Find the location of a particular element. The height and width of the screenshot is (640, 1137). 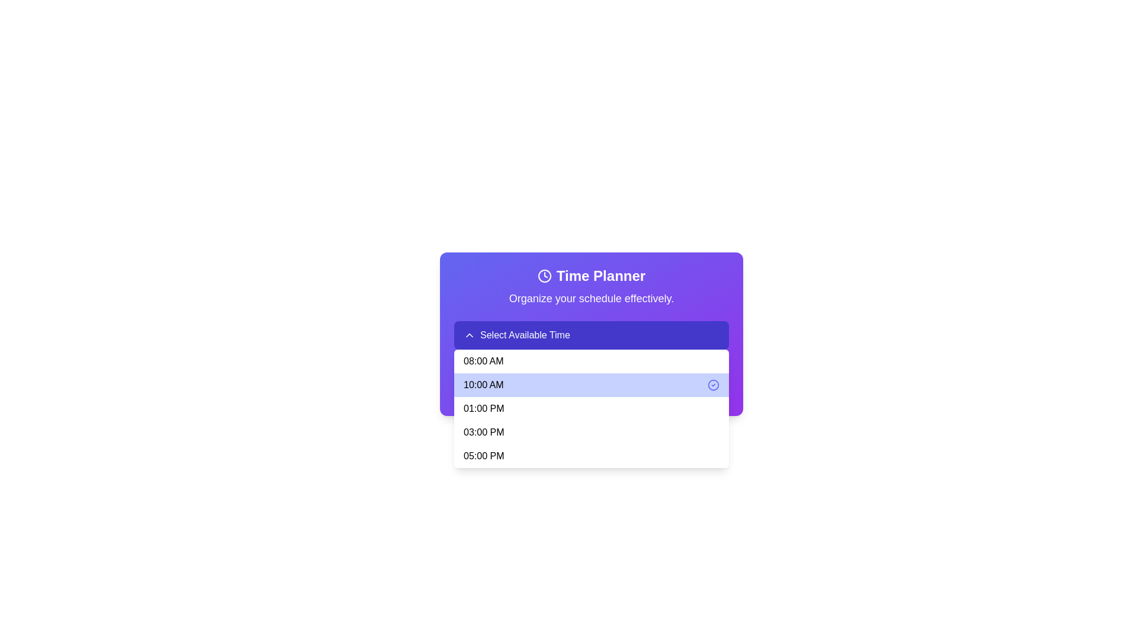

the dropdown option displaying '03:00 PM', which is the fourth item is located at coordinates (591, 432).